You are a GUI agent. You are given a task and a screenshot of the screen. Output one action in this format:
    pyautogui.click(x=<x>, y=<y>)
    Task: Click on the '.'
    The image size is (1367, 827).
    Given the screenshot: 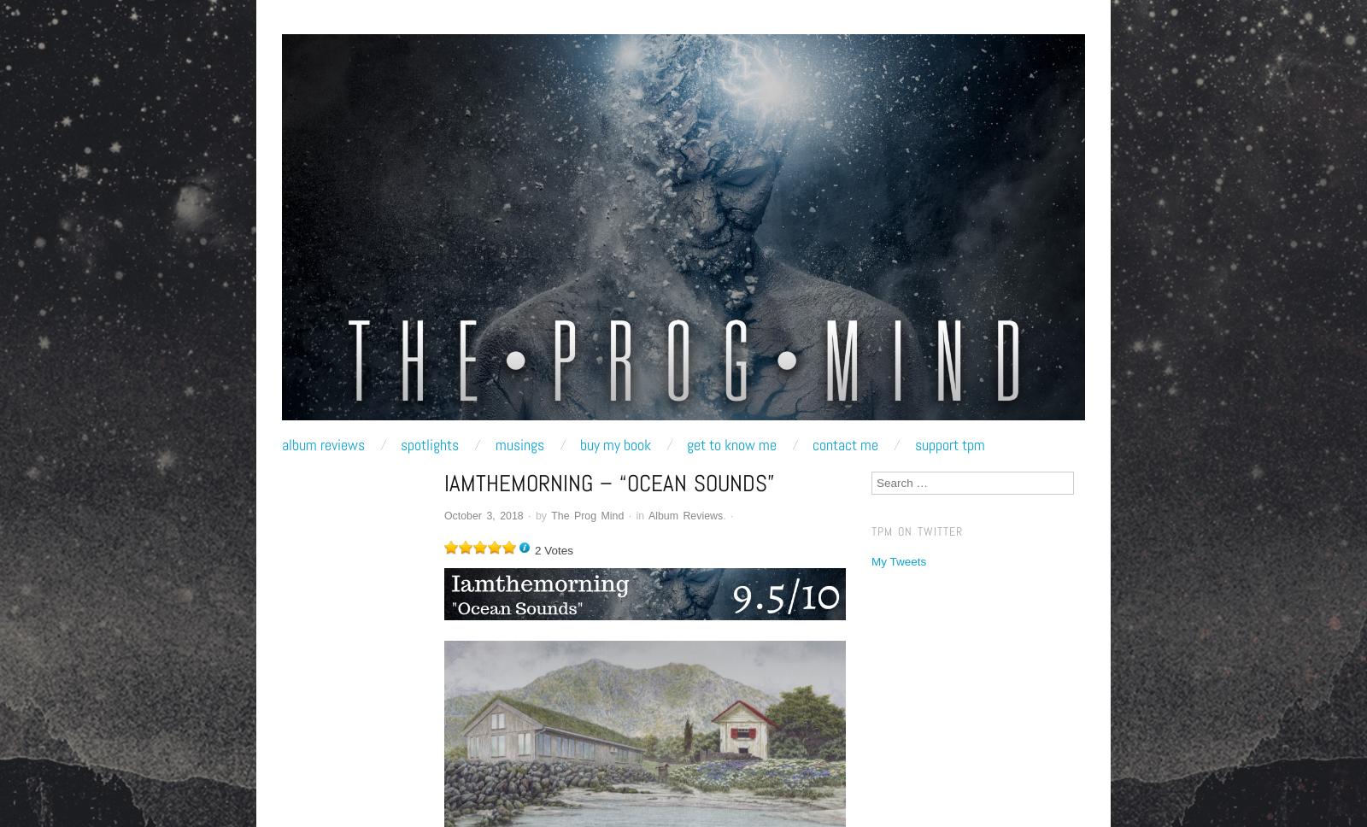 What is the action you would take?
    pyautogui.click(x=725, y=514)
    